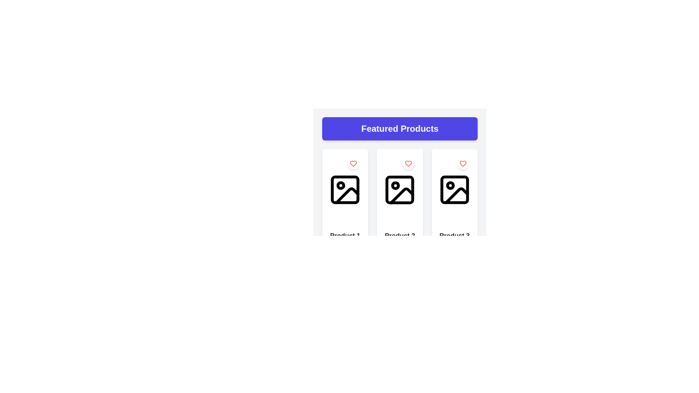  I want to click on the graphic icon representing a feature or selection point for the first product image in the 'Featured Products' section, so click(340, 185).